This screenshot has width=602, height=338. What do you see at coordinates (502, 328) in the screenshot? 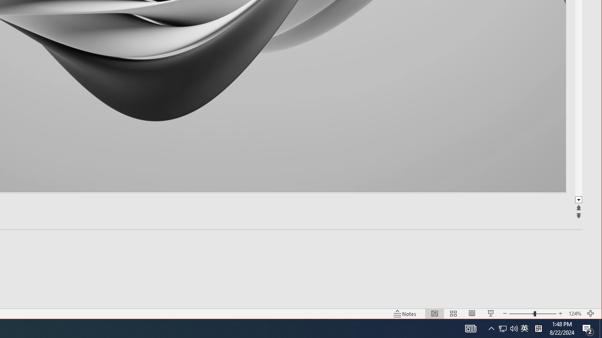
I see `'User Promoted Notification Area'` at bounding box center [502, 328].